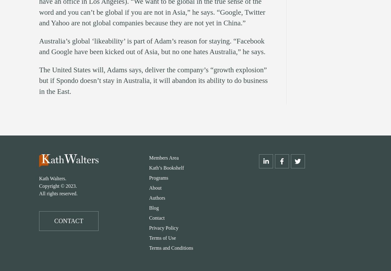 This screenshot has width=391, height=271. Describe the element at coordinates (171, 248) in the screenshot. I see `'Terms and Conditions'` at that location.